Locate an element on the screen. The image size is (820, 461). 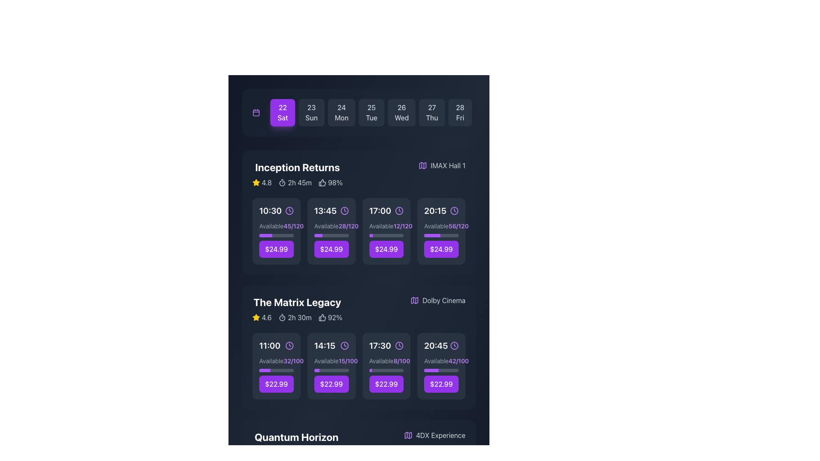
the bold, purple-colored label displaying '8/100', which indicates availability for the 17:30 time slot in the 'The Matrix Legacy' section is located at coordinates (401, 361).